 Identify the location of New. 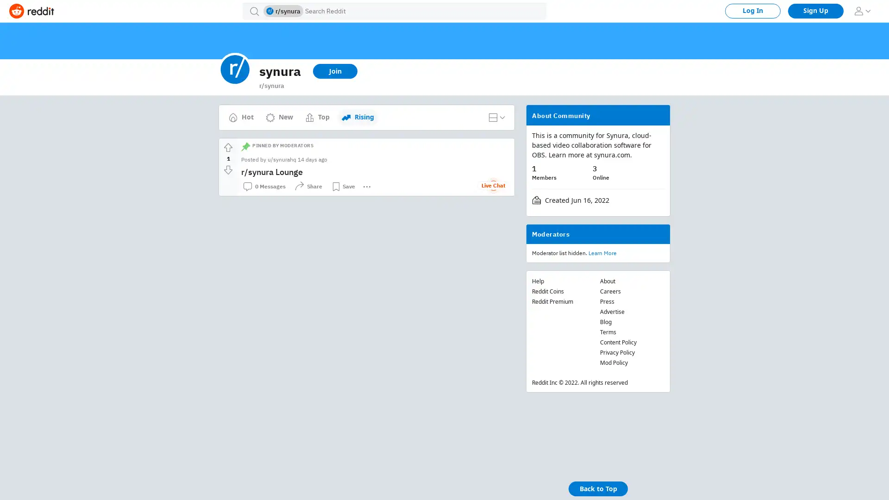
(279, 117).